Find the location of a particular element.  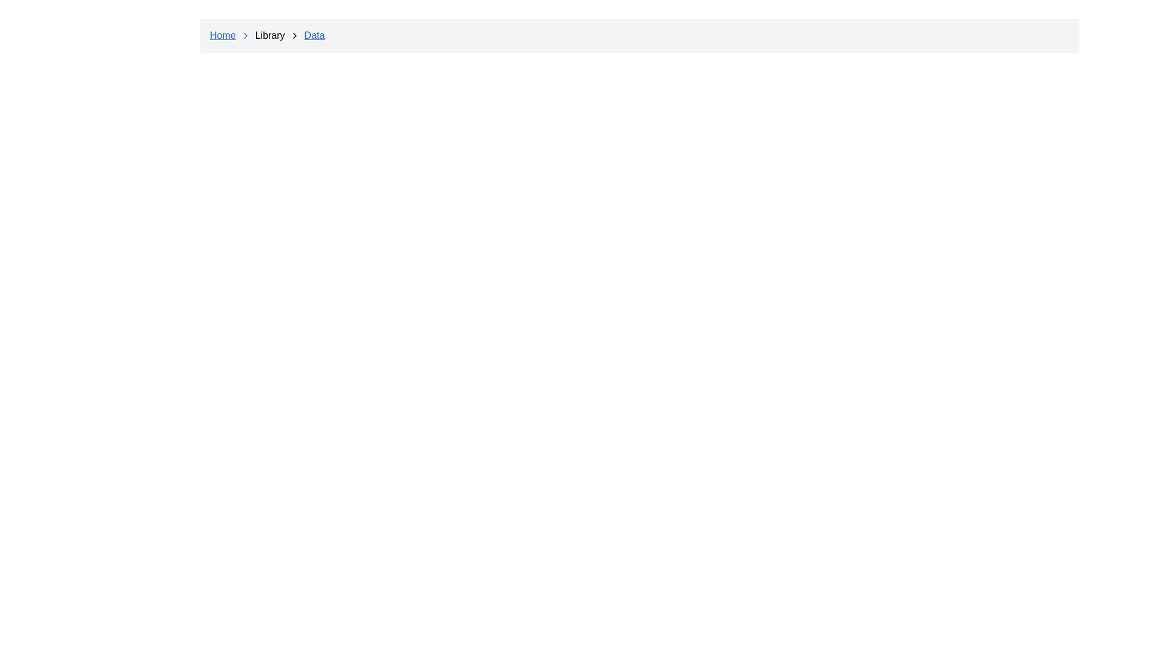

the chevron icon located immediately to the right of the 'Library' label, which serves as a navigation indicator within the horizontal navigation sequence is located at coordinates (294, 35).